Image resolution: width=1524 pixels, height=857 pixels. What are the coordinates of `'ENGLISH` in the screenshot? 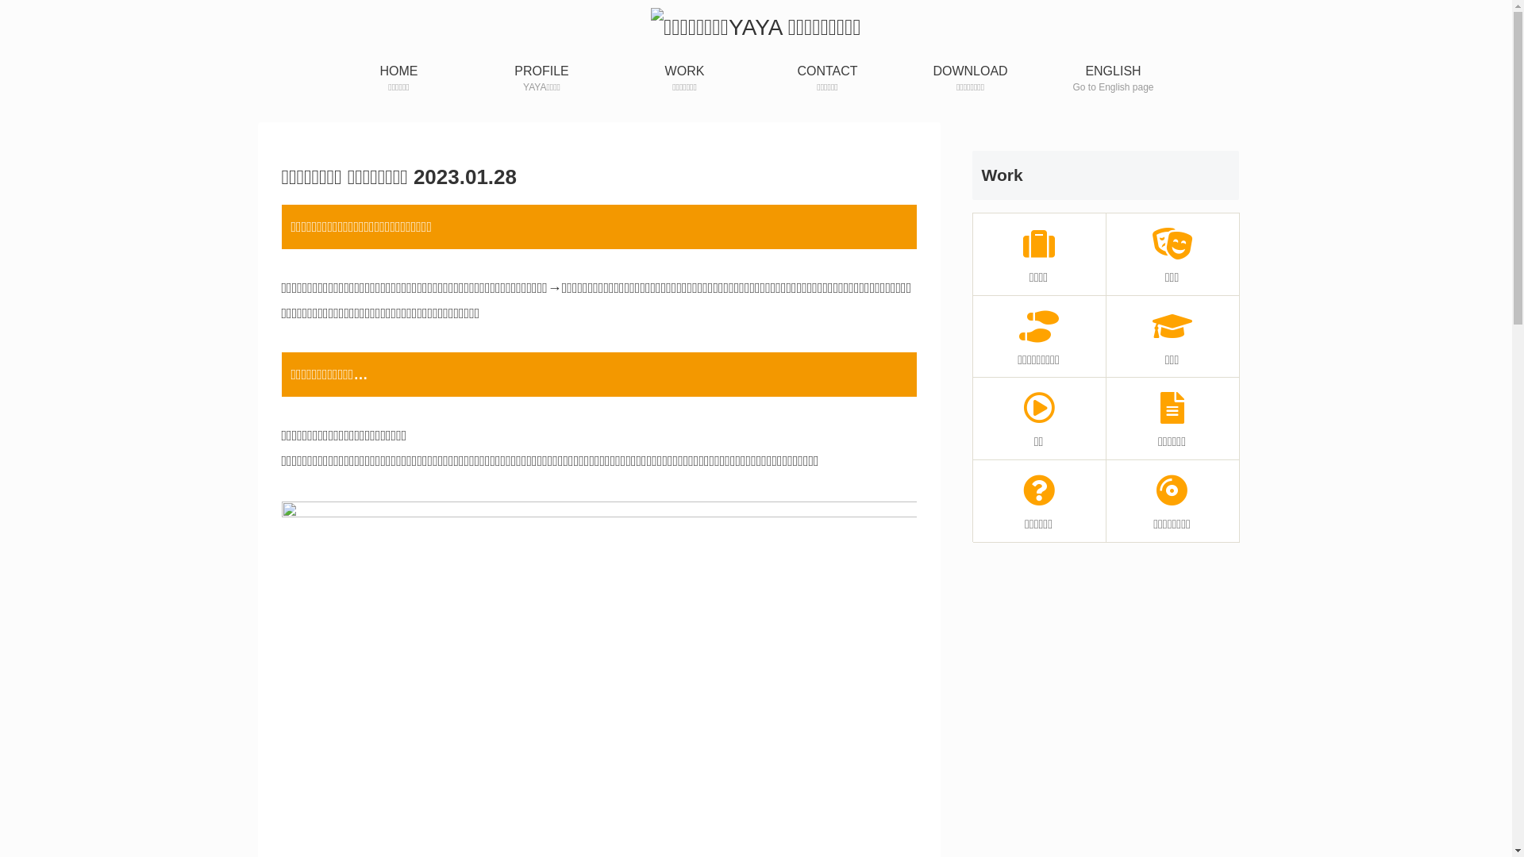 It's located at (1111, 79).